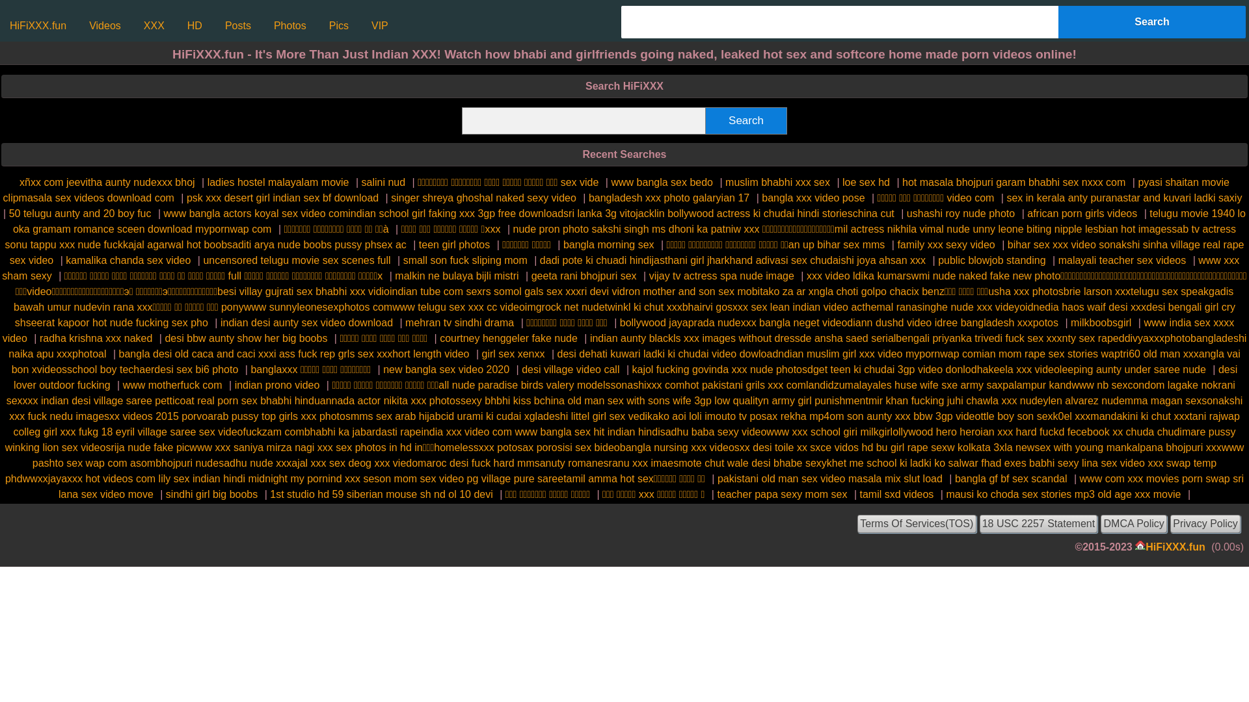 The image size is (1249, 702). Describe the element at coordinates (364, 25) in the screenshot. I see `'VIP'` at that location.